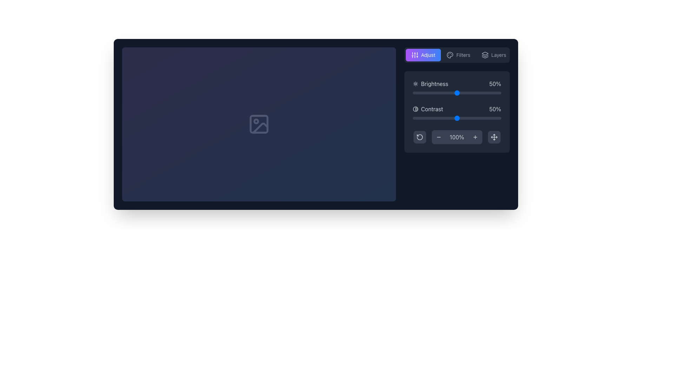 The image size is (674, 379). I want to click on the state of the circular contrast adjustment icon located on the right panel, to the left of the text 'Contrast', so click(415, 109).